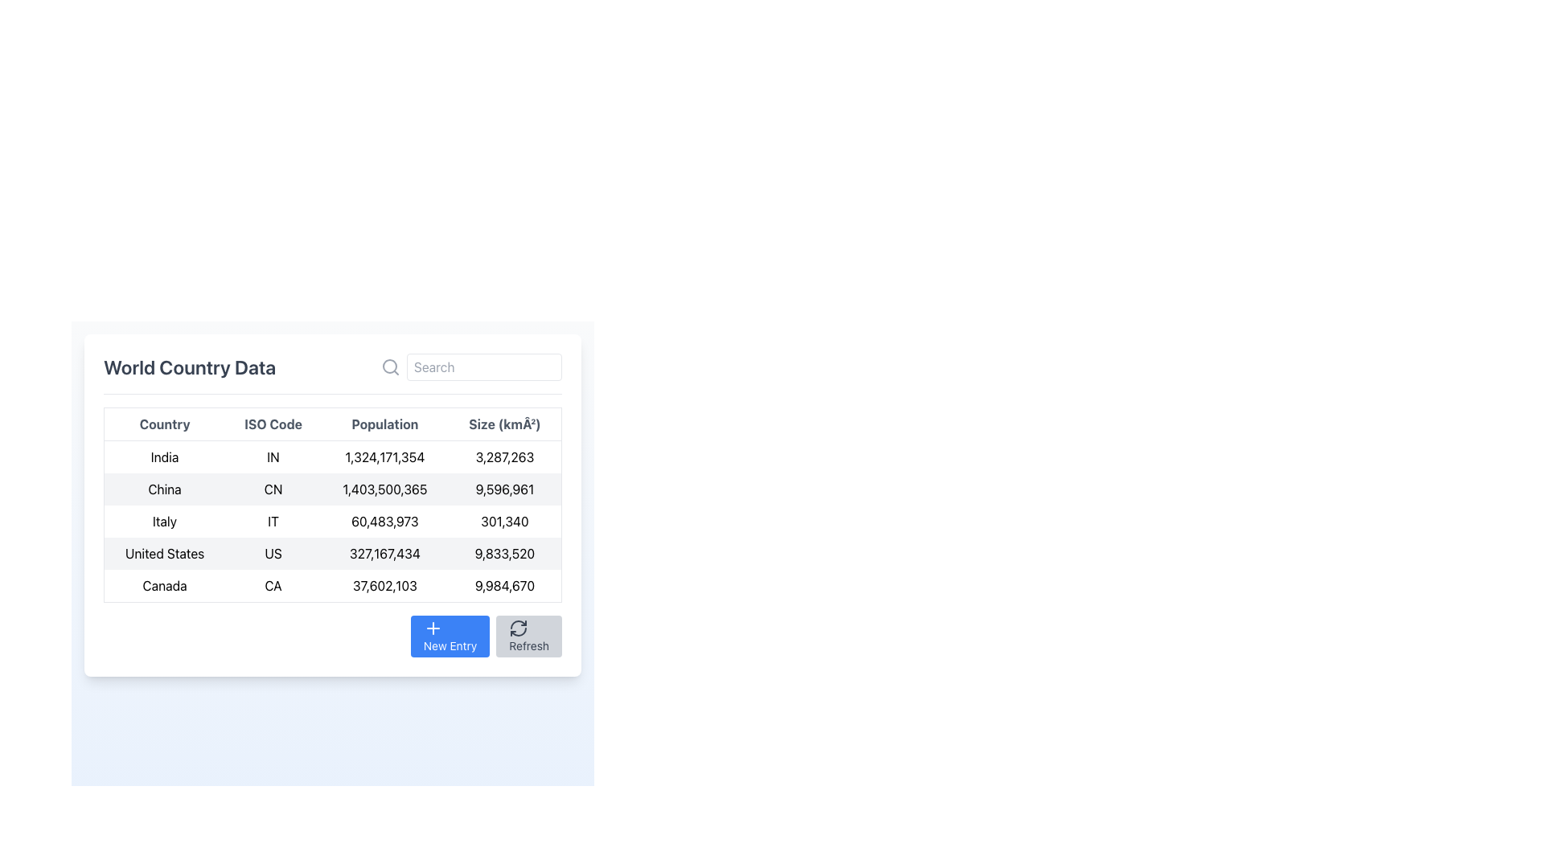 The width and height of the screenshot is (1544, 868). I want to click on the text label displaying 'United States' in the first column of the table, so click(164, 553).